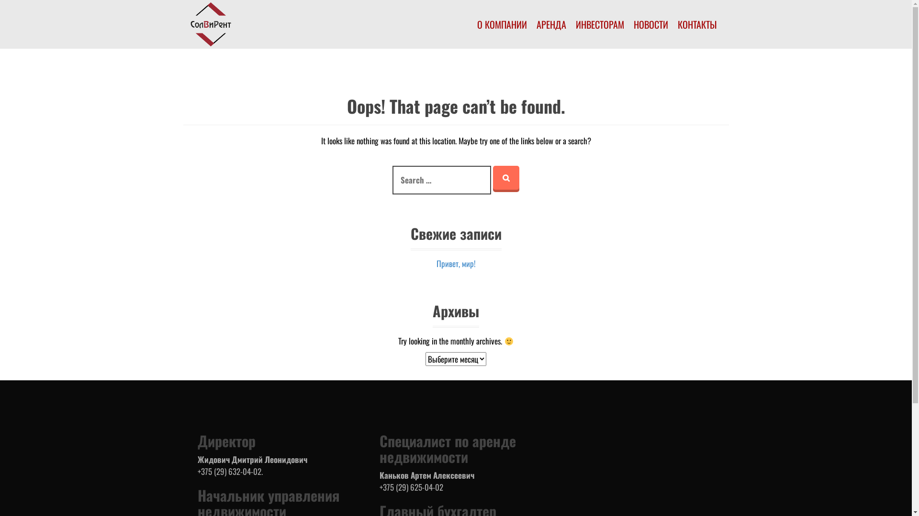 The image size is (919, 516). I want to click on 'Skip to content', so click(0, 0).